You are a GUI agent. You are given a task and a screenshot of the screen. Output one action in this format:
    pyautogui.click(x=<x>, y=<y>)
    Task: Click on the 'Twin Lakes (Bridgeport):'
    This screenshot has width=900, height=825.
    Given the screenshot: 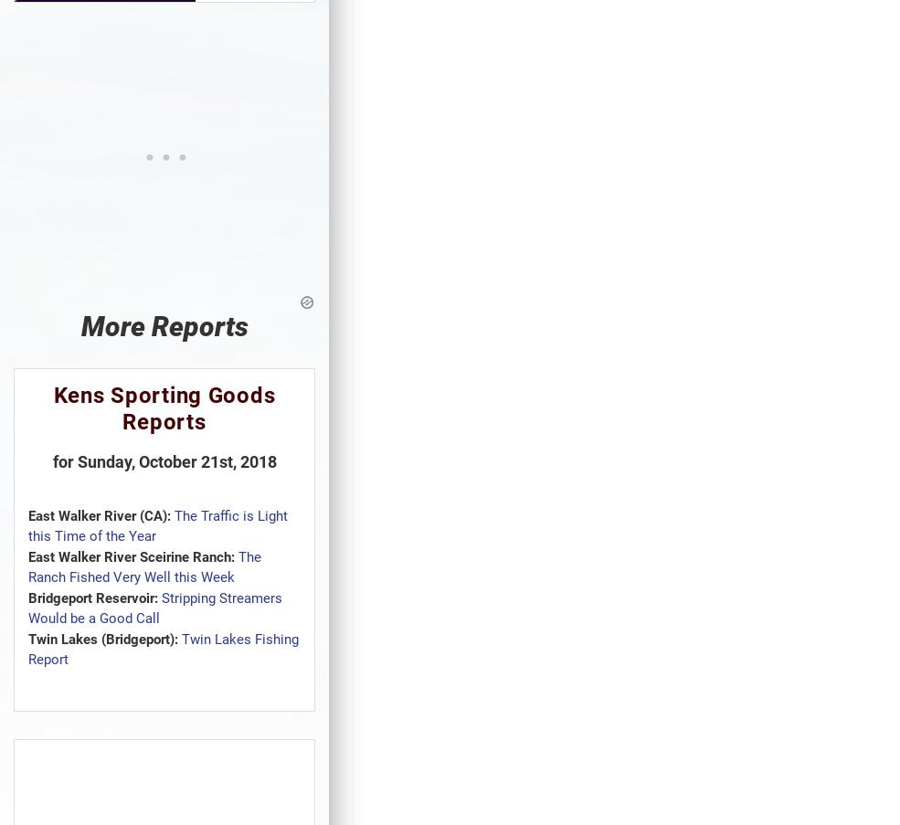 What is the action you would take?
    pyautogui.click(x=102, y=638)
    